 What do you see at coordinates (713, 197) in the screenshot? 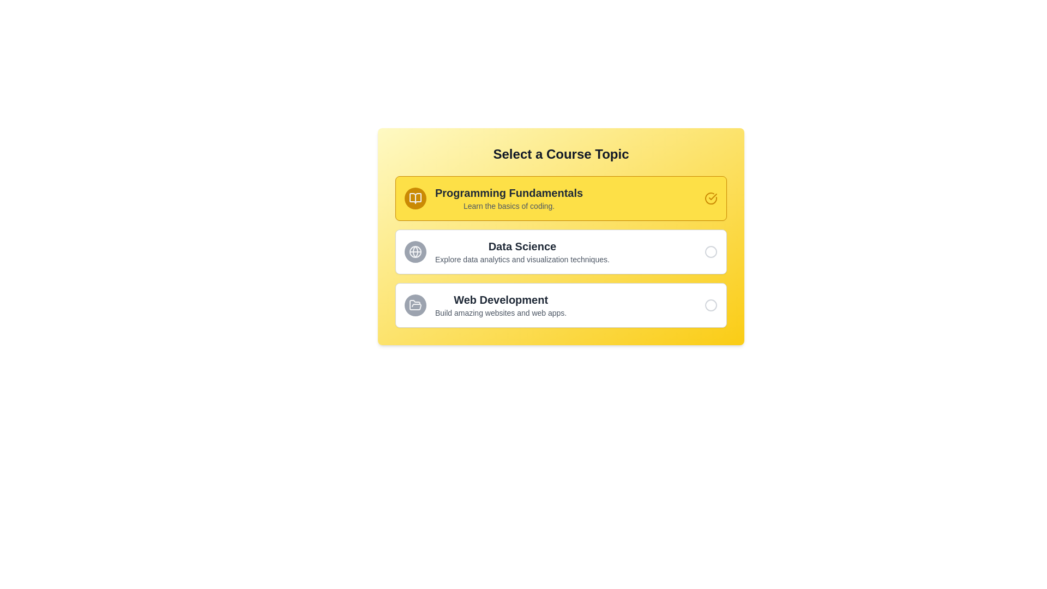
I see `the status of the checkmark icon located in the top-right corner of the 'Programming Fundamentals' button, which signifies completion of the course topic` at bounding box center [713, 197].